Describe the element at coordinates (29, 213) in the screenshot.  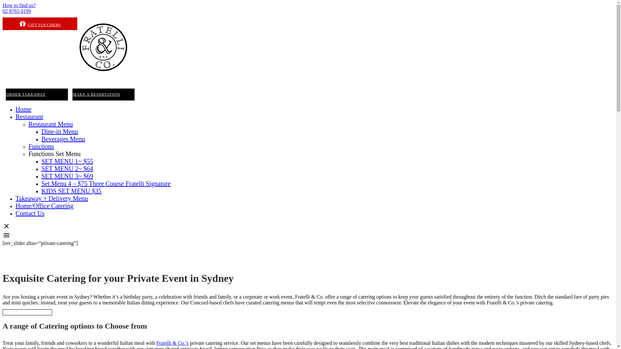
I see `'Contact Us'` at that location.